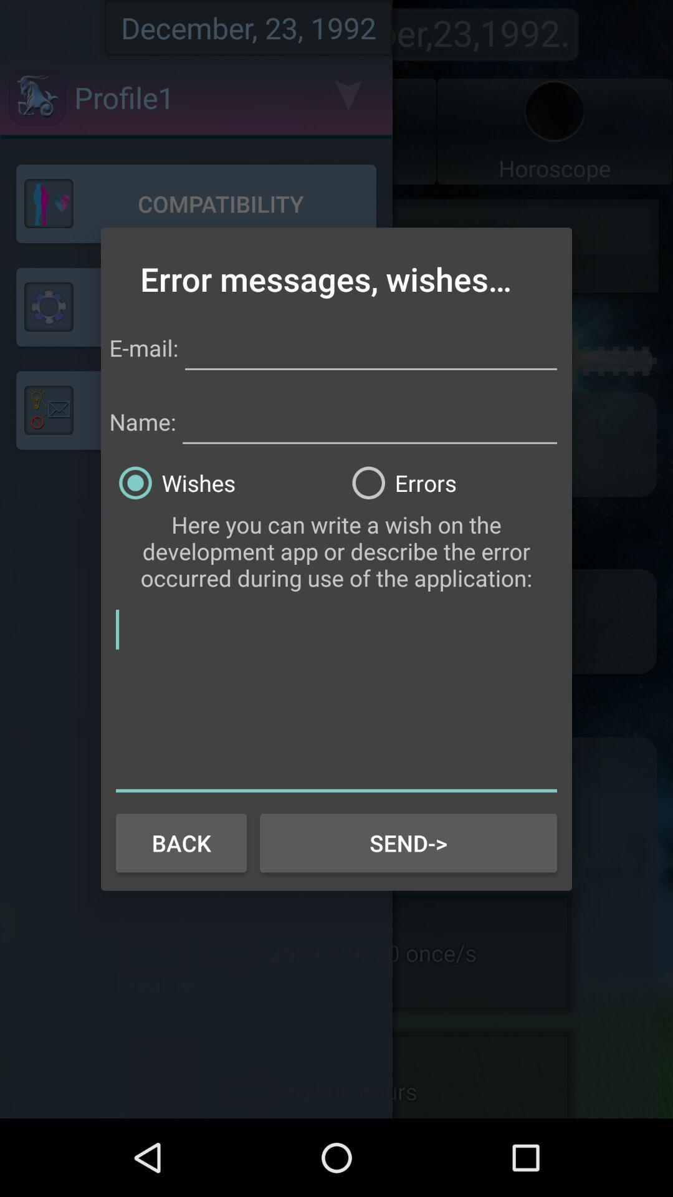 Image resolution: width=673 pixels, height=1197 pixels. What do you see at coordinates (369, 420) in the screenshot?
I see `input name` at bounding box center [369, 420].